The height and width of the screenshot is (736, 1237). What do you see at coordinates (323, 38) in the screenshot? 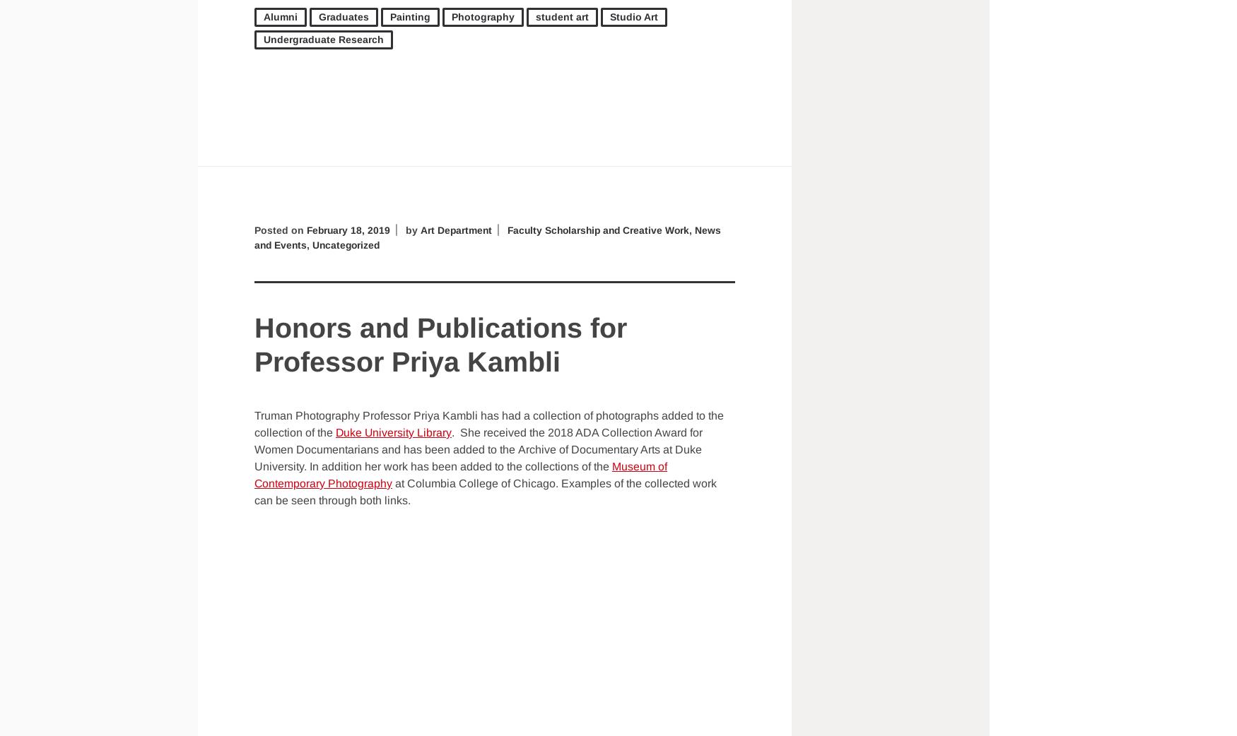
I see `'Undergraduate Research'` at bounding box center [323, 38].